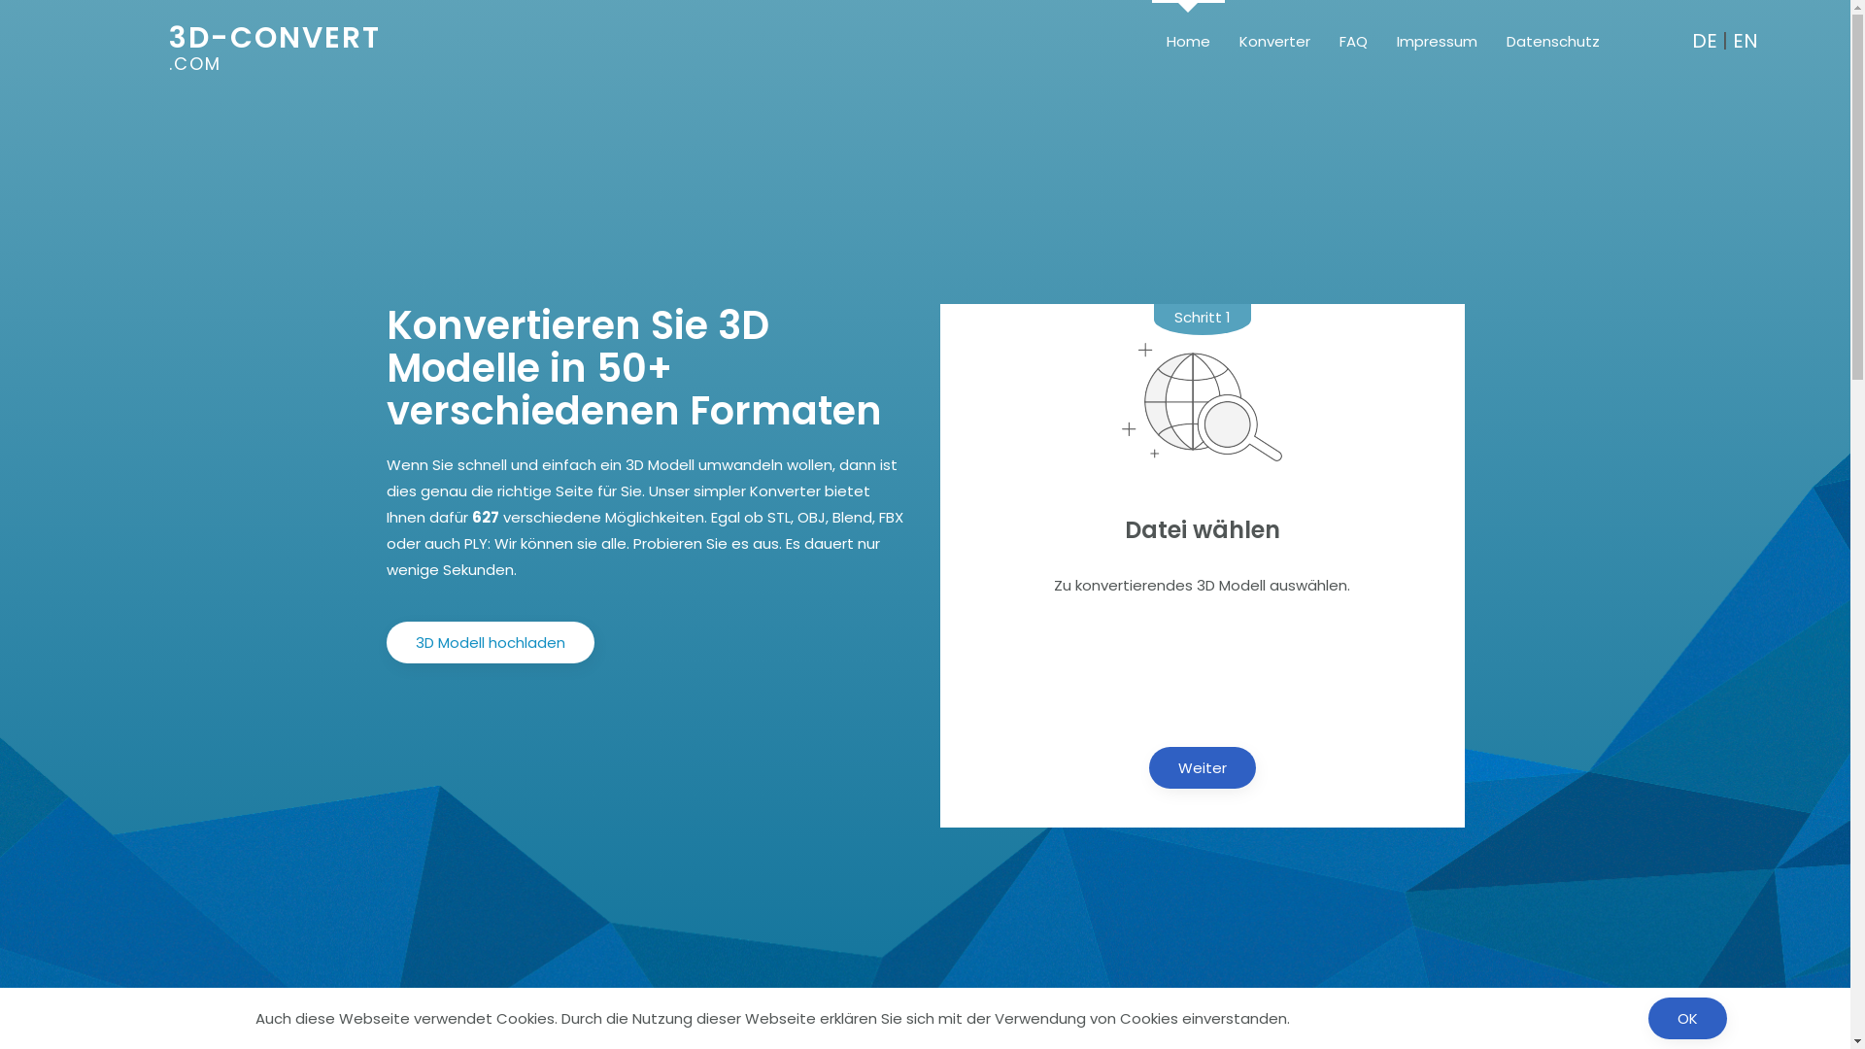 Image resolution: width=1865 pixels, height=1049 pixels. What do you see at coordinates (1551, 40) in the screenshot?
I see `'Datenschutz'` at bounding box center [1551, 40].